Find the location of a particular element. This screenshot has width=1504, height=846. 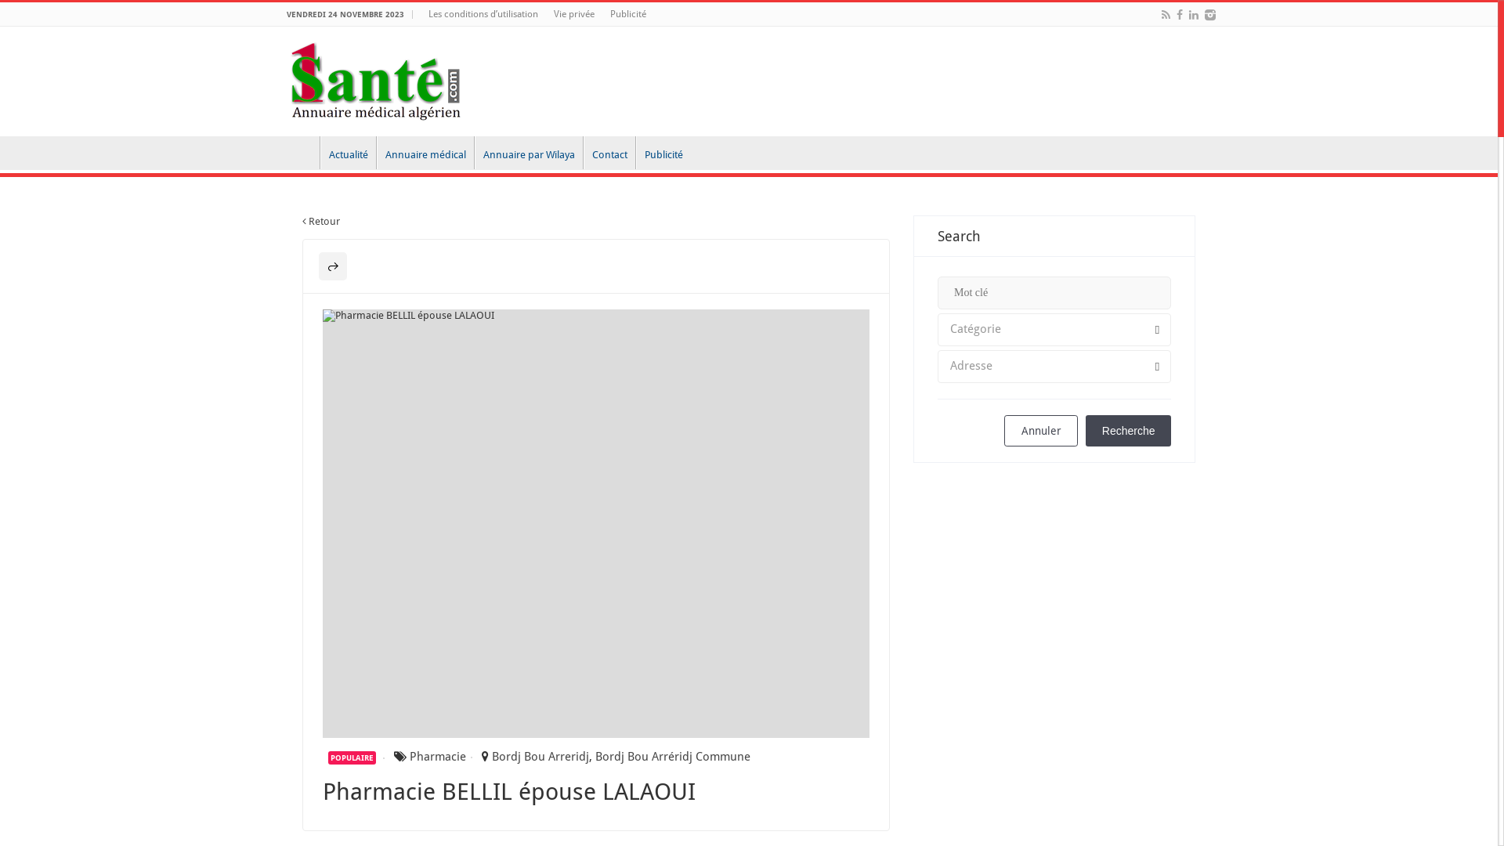

'Contact' is located at coordinates (608, 153).